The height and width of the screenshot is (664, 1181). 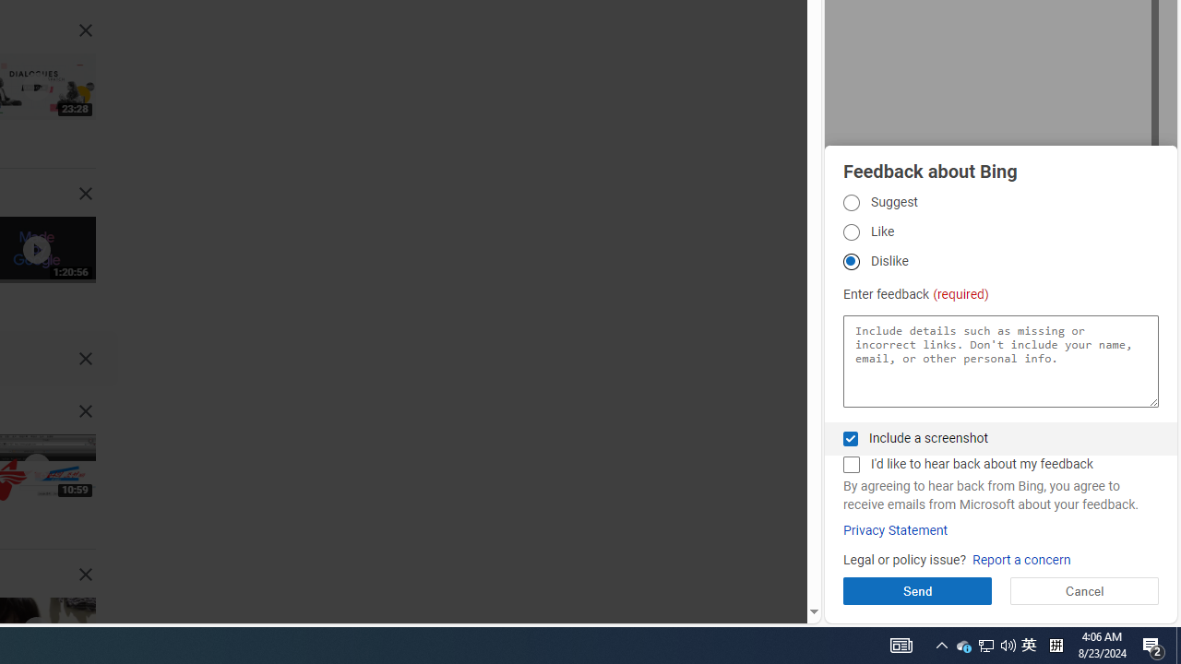 I want to click on 'Cancel', so click(x=1084, y=590).